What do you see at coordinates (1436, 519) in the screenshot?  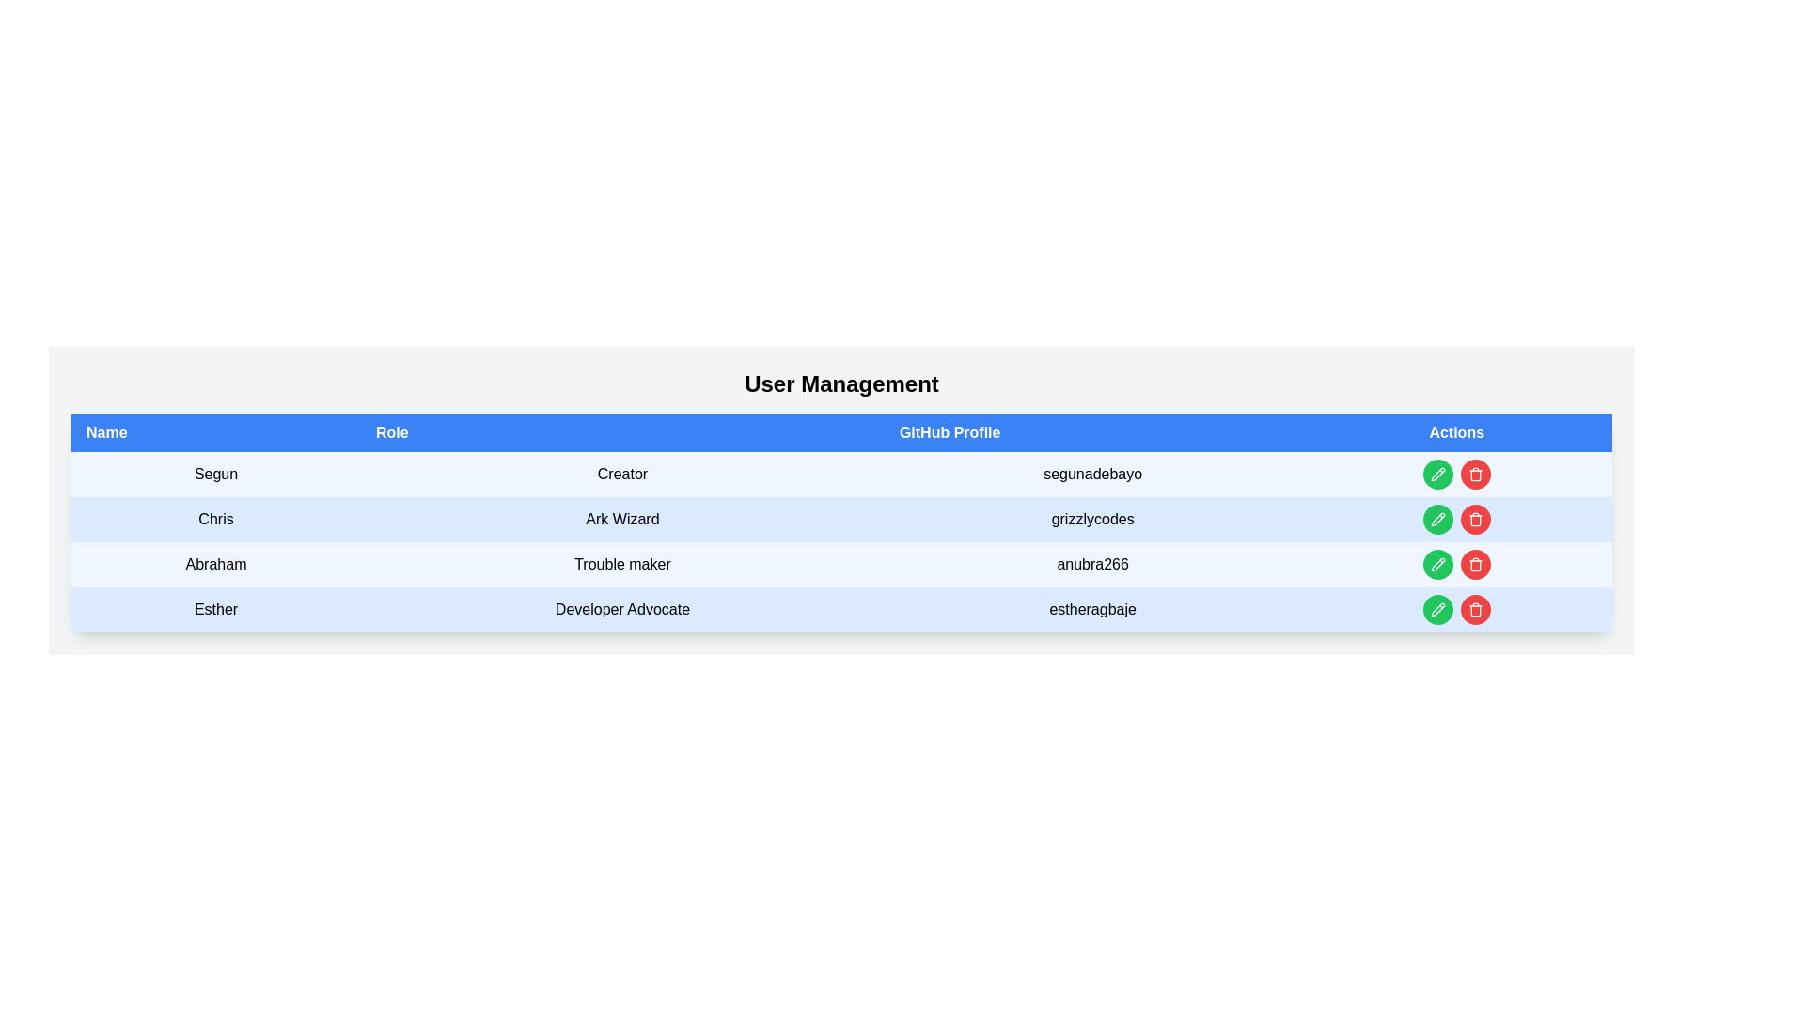 I see `the edit button located in the 'Actions' column of the row associated with the user 'Chris', which is immediately to the left of a red button with a trash icon` at bounding box center [1436, 519].